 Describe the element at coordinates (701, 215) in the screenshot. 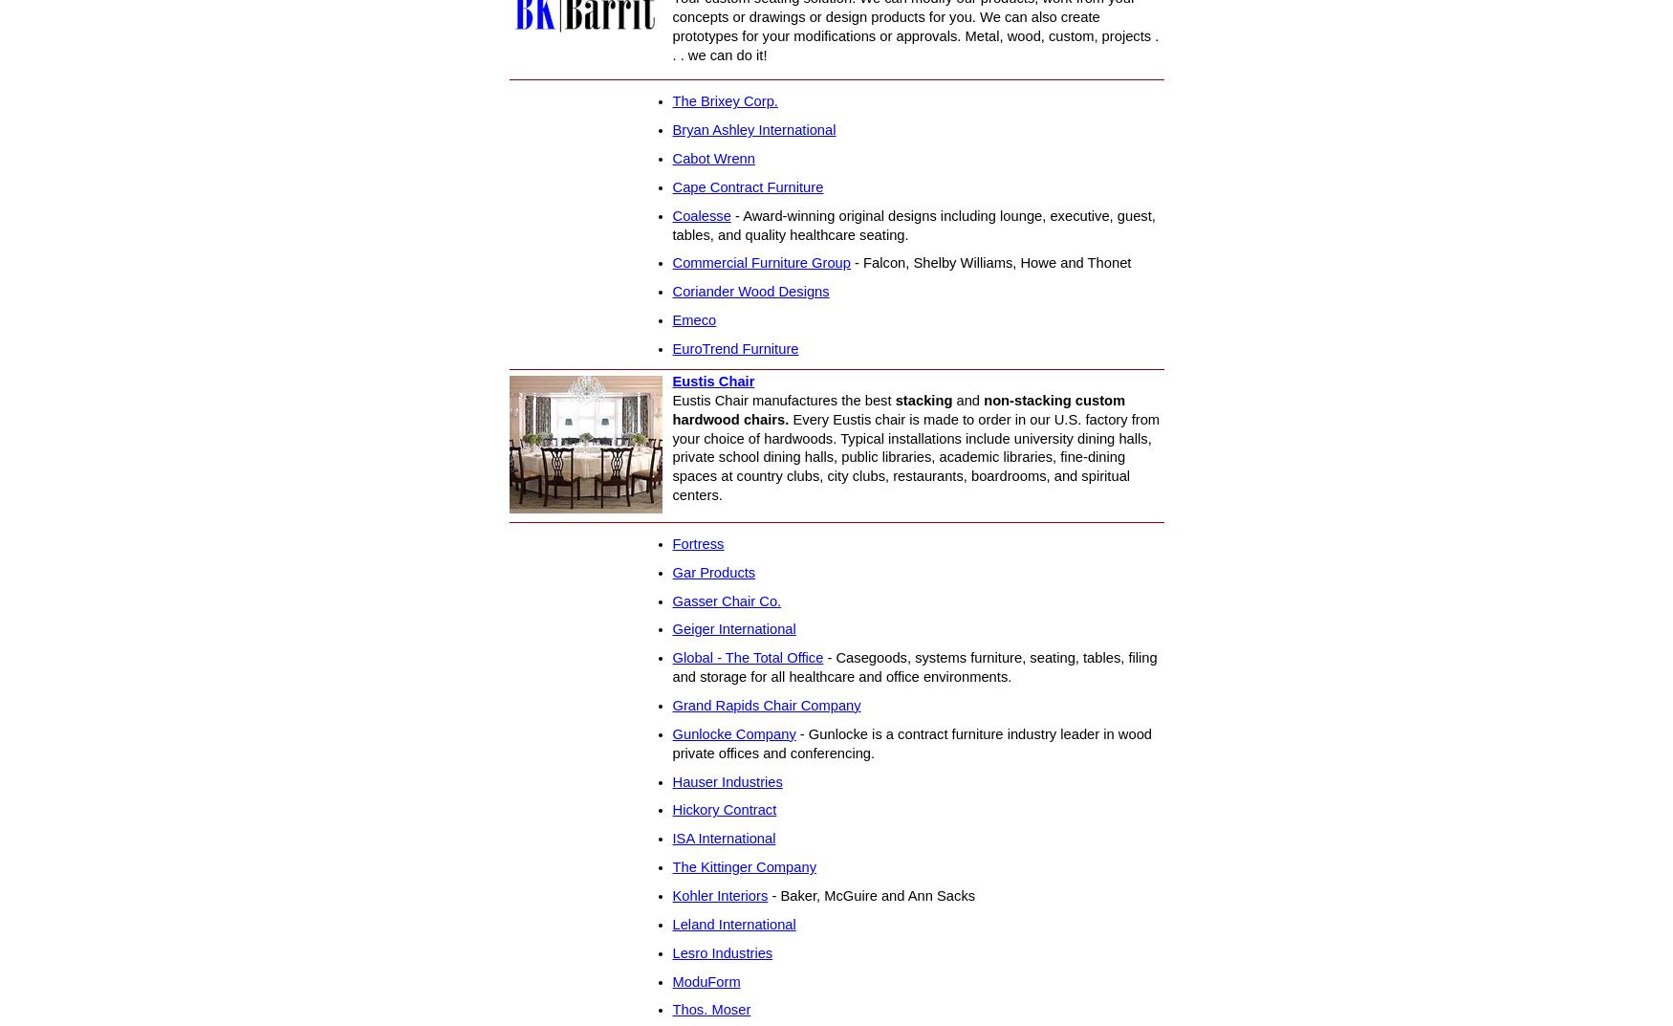

I see `'Coalesse'` at that location.